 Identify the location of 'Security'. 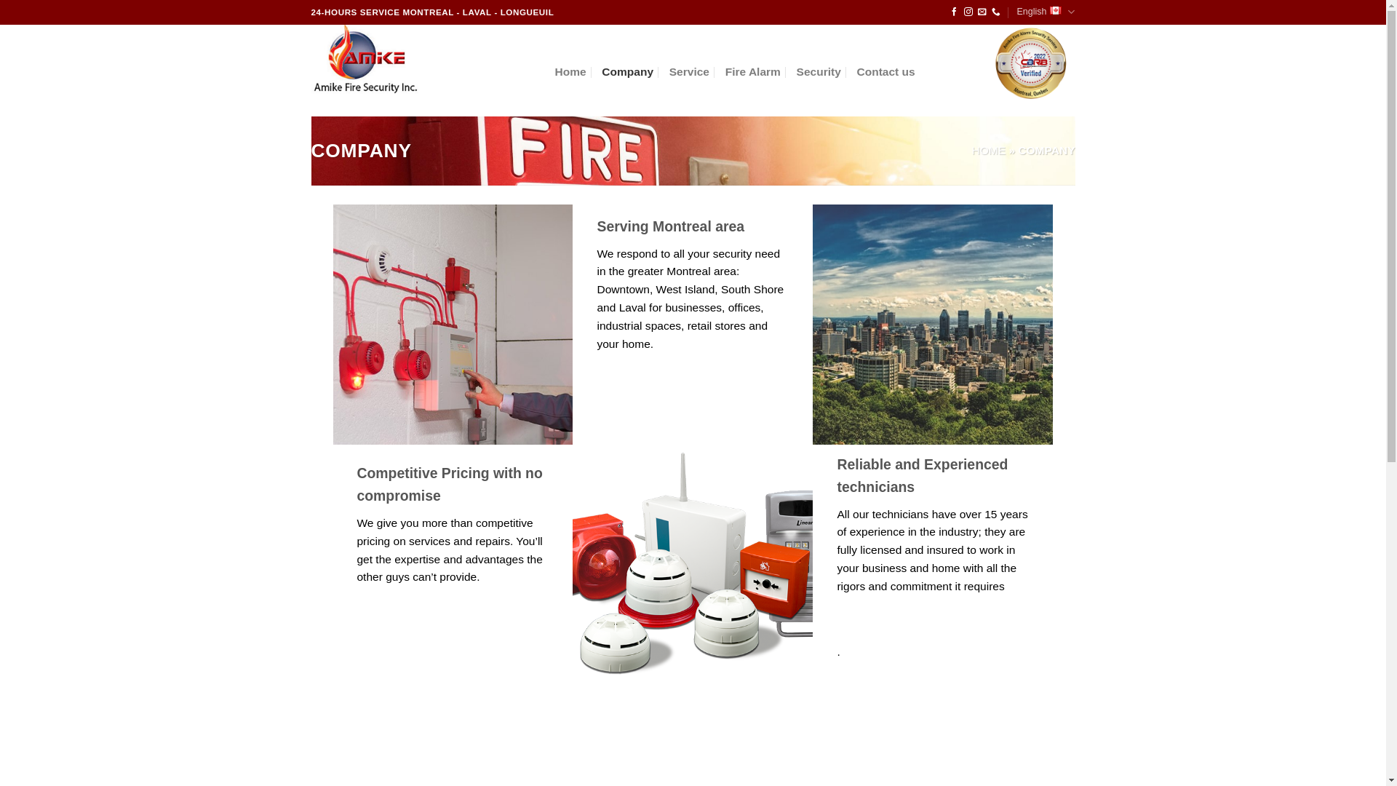
(819, 71).